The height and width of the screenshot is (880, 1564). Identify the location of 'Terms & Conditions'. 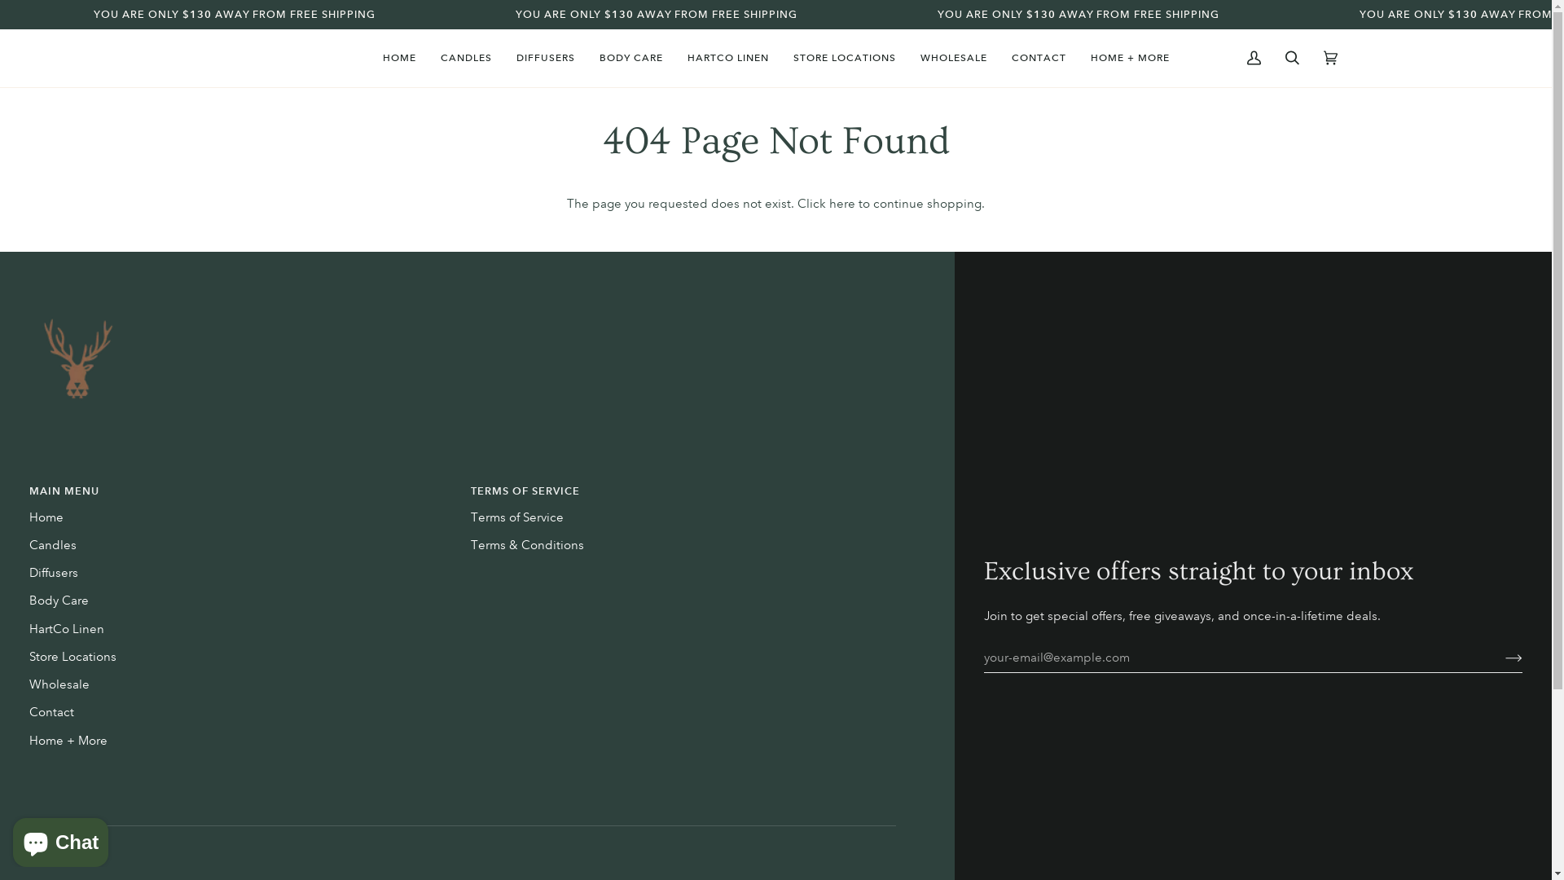
(469, 544).